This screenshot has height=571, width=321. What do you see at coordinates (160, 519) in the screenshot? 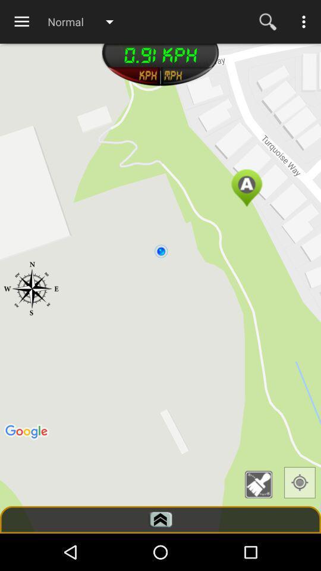
I see `the icon at the bottom of the page` at bounding box center [160, 519].